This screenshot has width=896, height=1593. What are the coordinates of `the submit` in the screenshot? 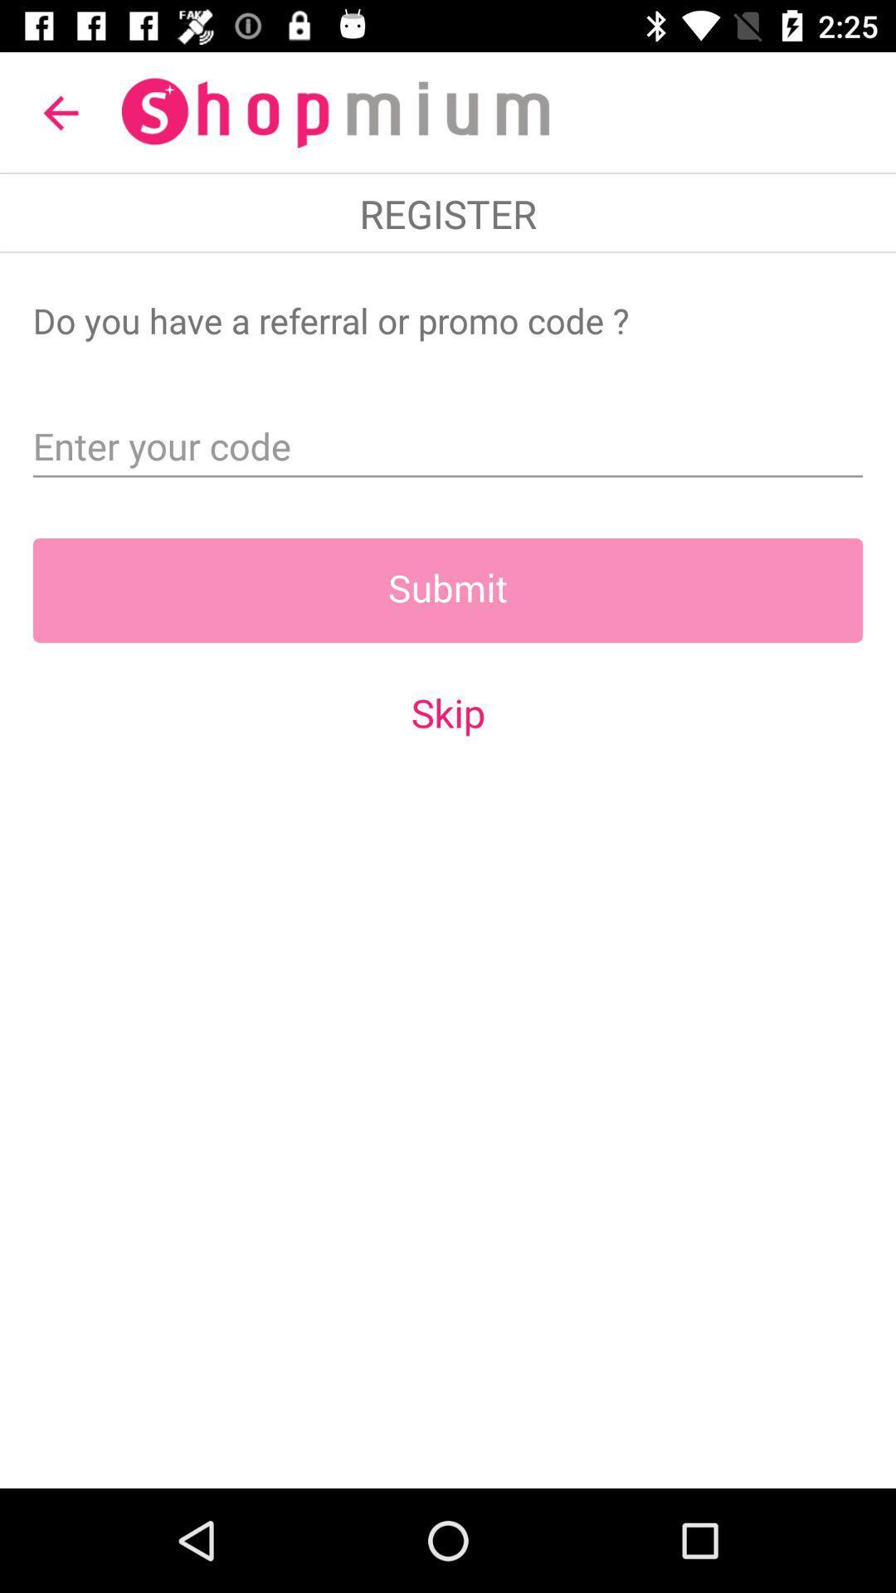 It's located at (448, 590).